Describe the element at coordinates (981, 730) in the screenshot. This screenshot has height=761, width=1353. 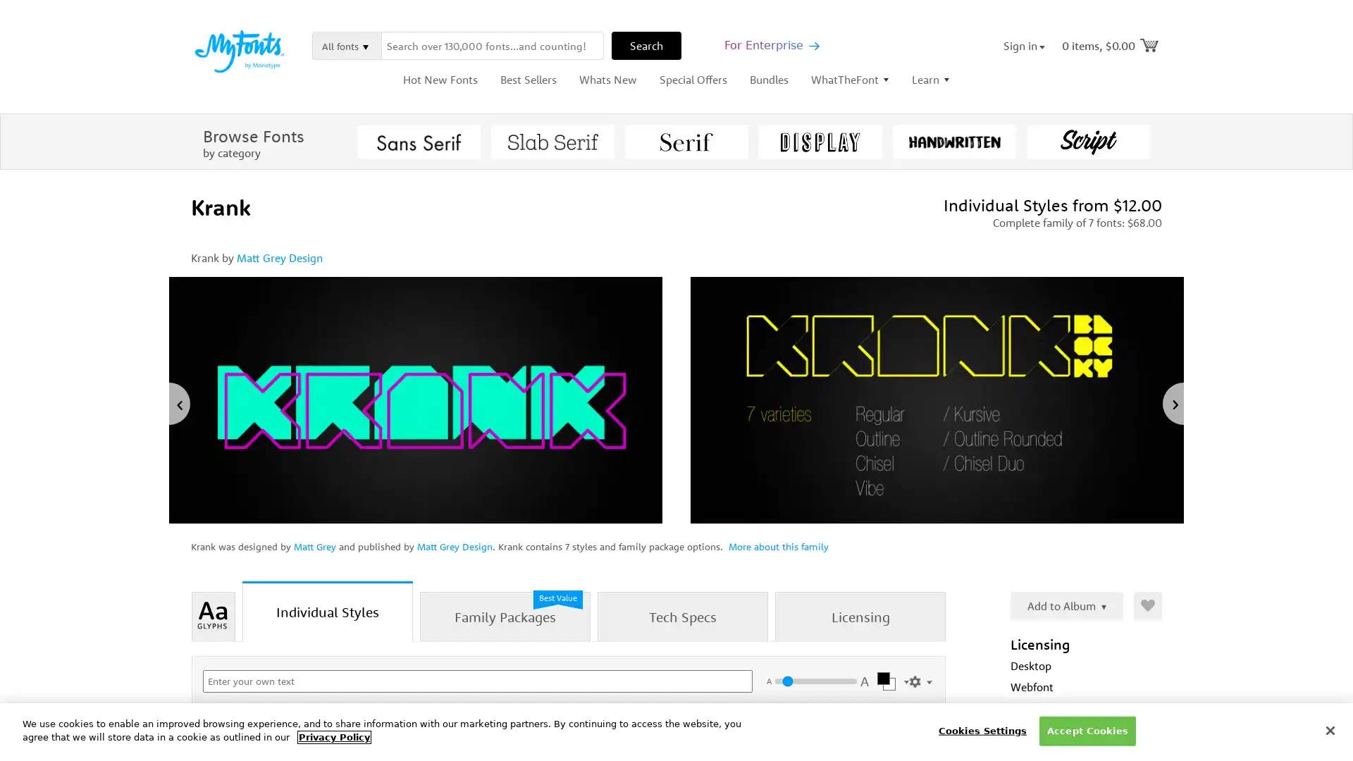
I see `Cookies Settings` at that location.